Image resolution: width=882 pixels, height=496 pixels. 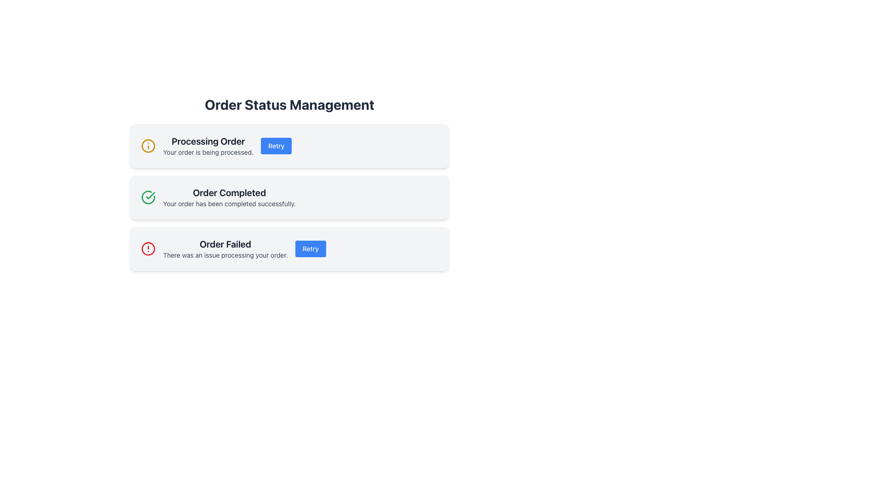 I want to click on the 'Retry' button located at the bottom right of the 'Order Failed' panel to initiate a retry action, so click(x=311, y=249).